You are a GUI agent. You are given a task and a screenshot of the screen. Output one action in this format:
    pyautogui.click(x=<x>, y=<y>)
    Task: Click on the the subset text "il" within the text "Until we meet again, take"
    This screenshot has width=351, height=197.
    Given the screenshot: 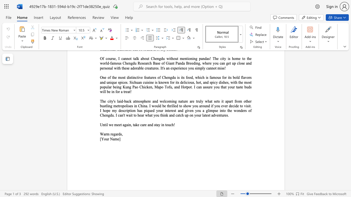 What is the action you would take?
    pyautogui.click(x=106, y=125)
    